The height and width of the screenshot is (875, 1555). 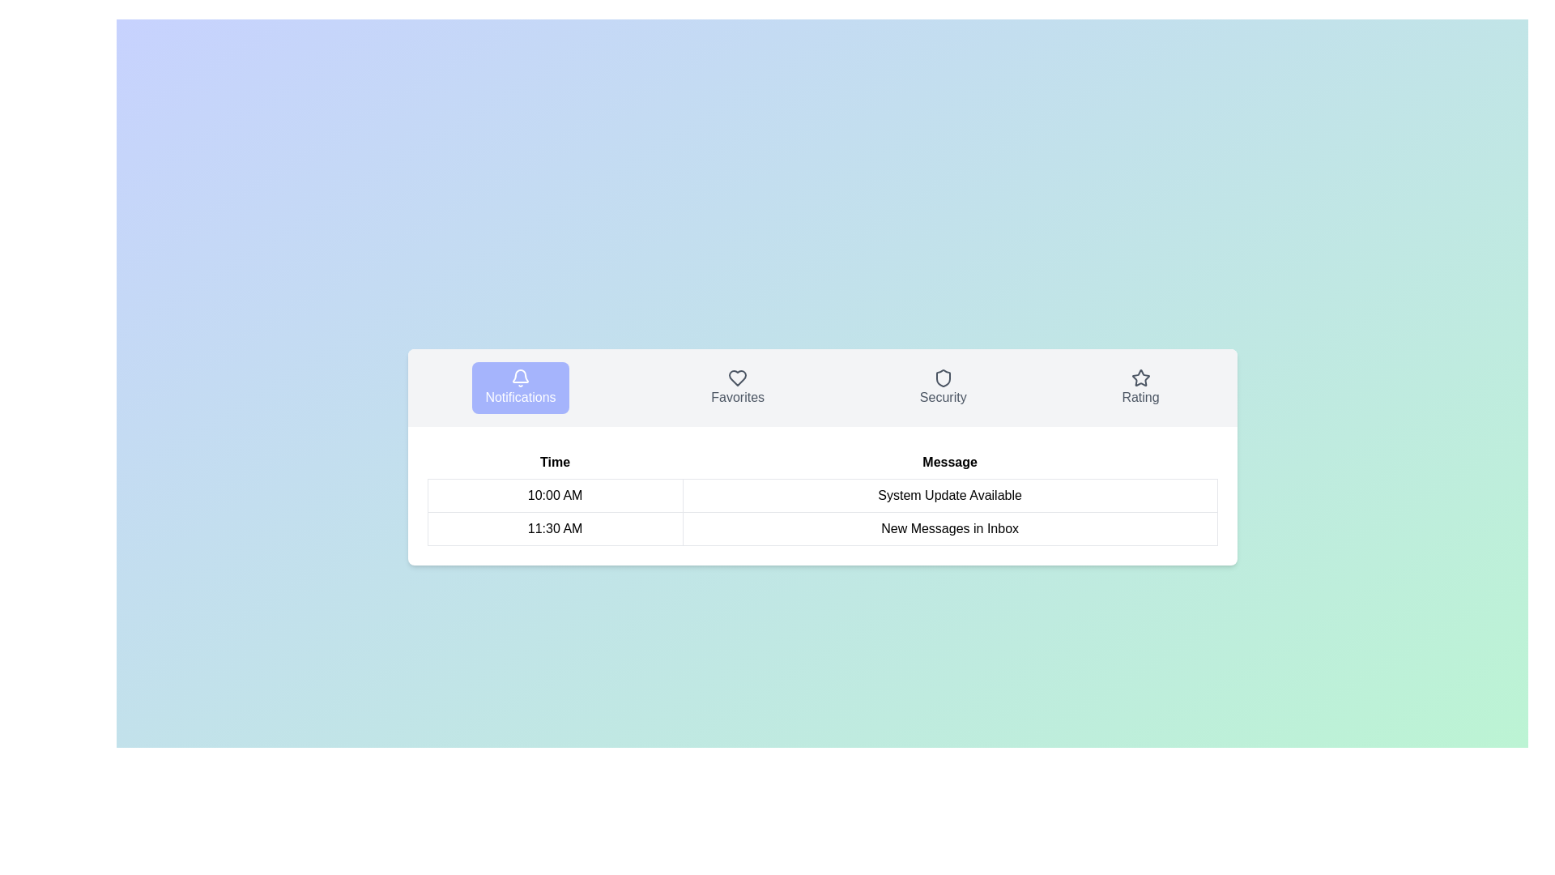 I want to click on the fourth button in the series of interactive elements that includes 'Notifications,' 'Favorites,' and 'Security', so click(x=1140, y=387).